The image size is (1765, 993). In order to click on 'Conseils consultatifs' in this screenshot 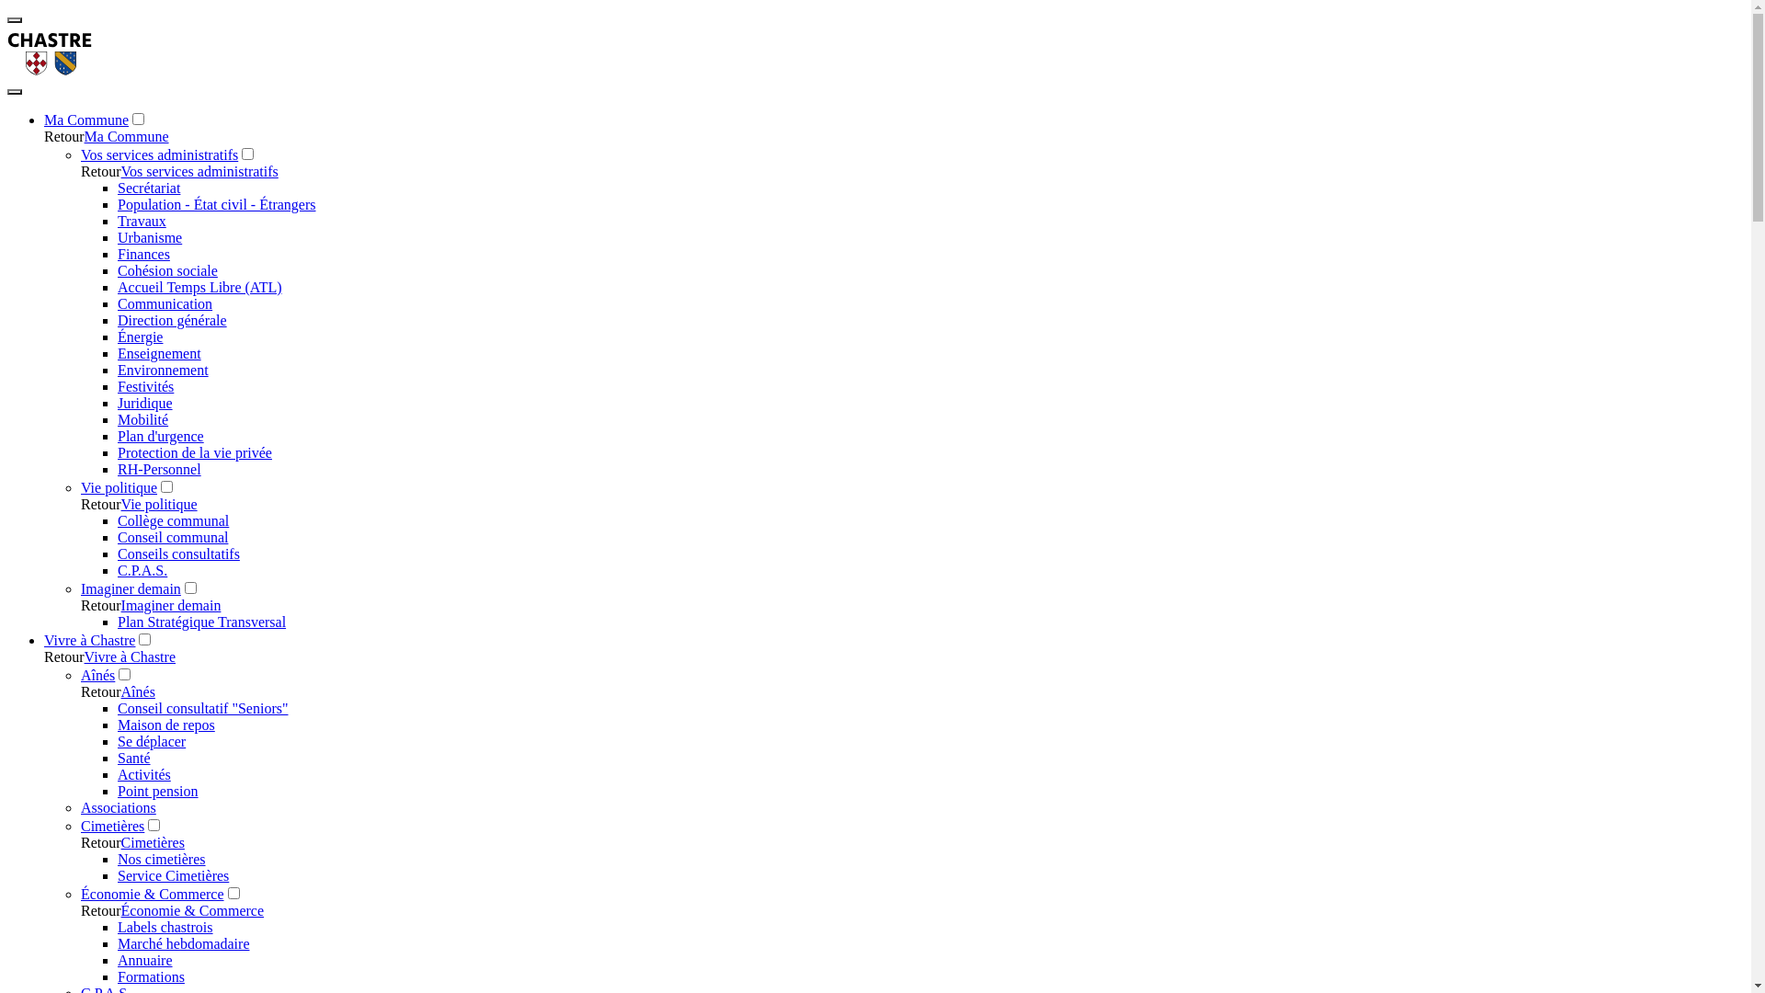, I will do `click(117, 553)`.